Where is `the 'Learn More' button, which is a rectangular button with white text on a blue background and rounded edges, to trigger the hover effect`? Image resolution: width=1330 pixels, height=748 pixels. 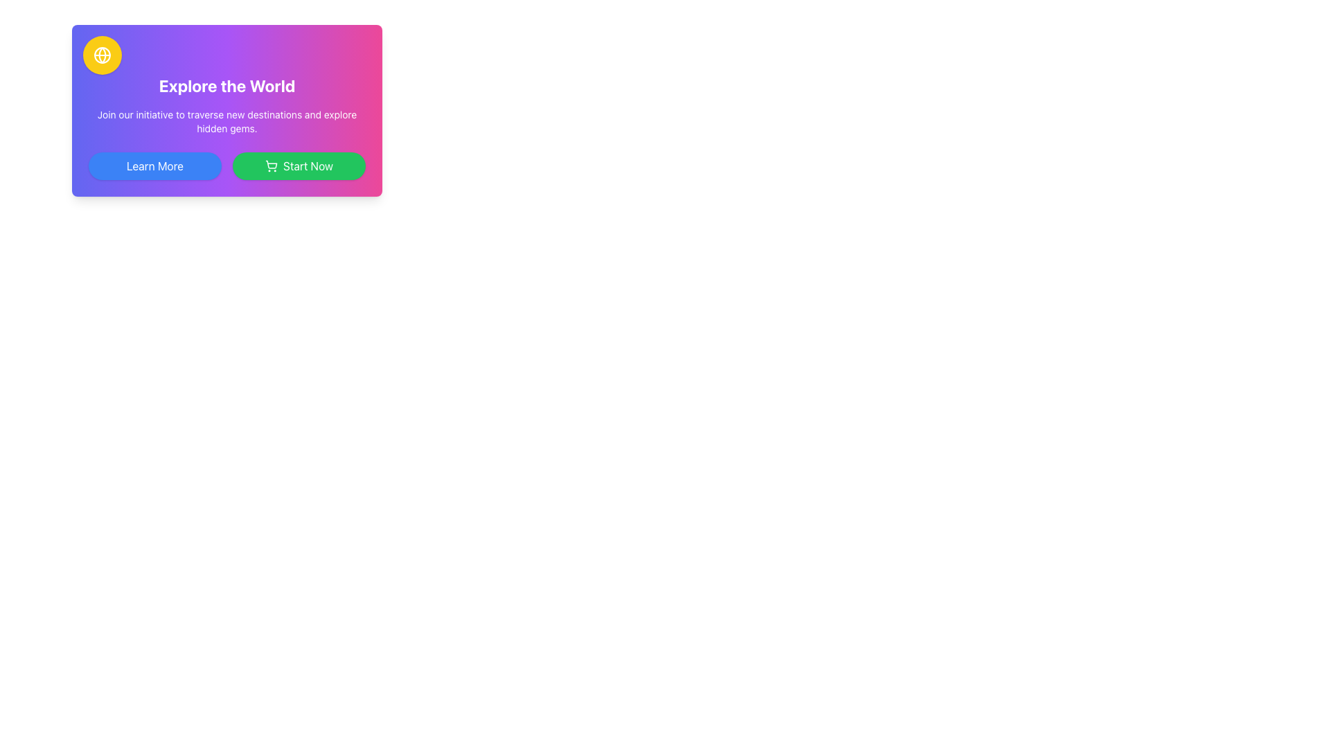
the 'Learn More' button, which is a rectangular button with white text on a blue background and rounded edges, to trigger the hover effect is located at coordinates (155, 165).